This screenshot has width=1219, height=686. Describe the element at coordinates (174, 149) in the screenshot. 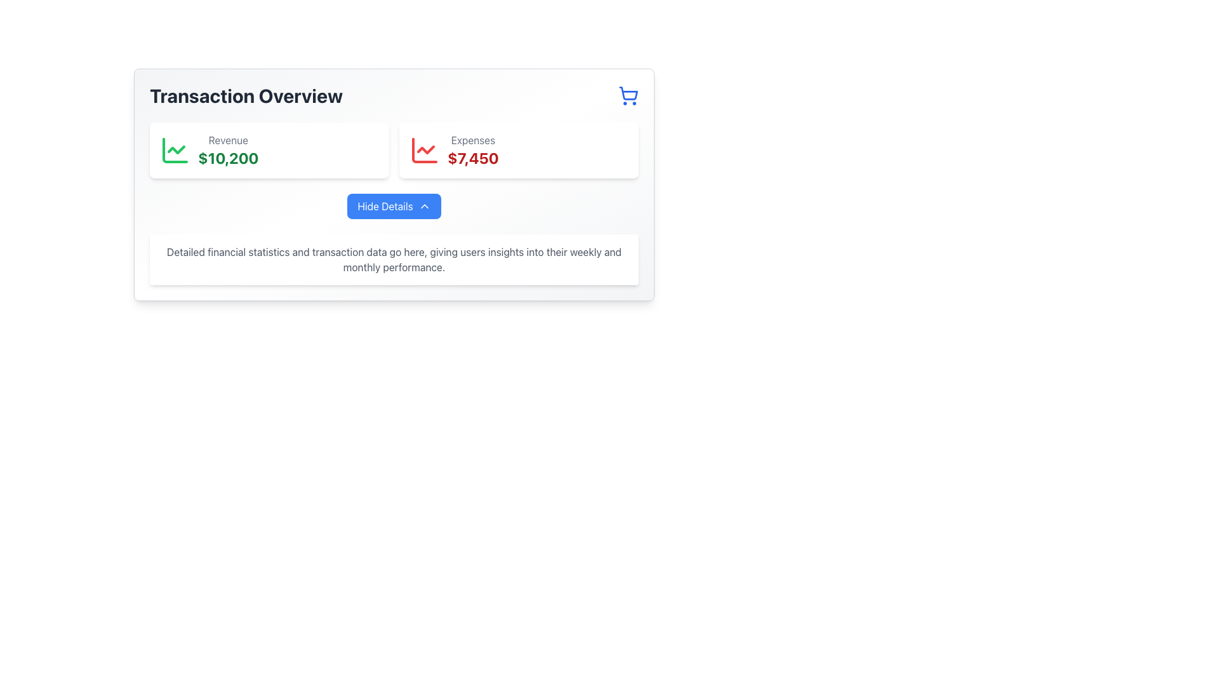

I see `the green chart icon representing revenue, which features a line graph with an upward trend and a checkmark, located in the 'Transaction Overview' section` at that location.